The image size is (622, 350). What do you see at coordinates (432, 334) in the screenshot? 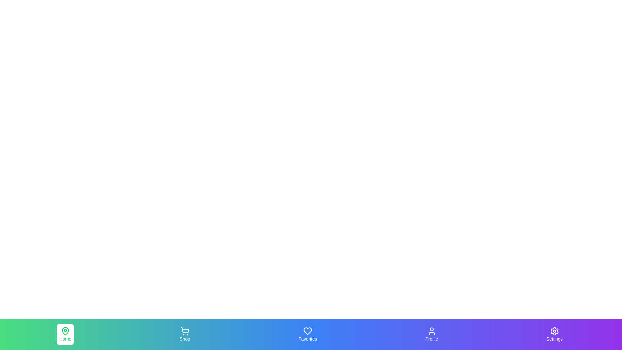
I see `the navigation tab labeled Profile` at bounding box center [432, 334].